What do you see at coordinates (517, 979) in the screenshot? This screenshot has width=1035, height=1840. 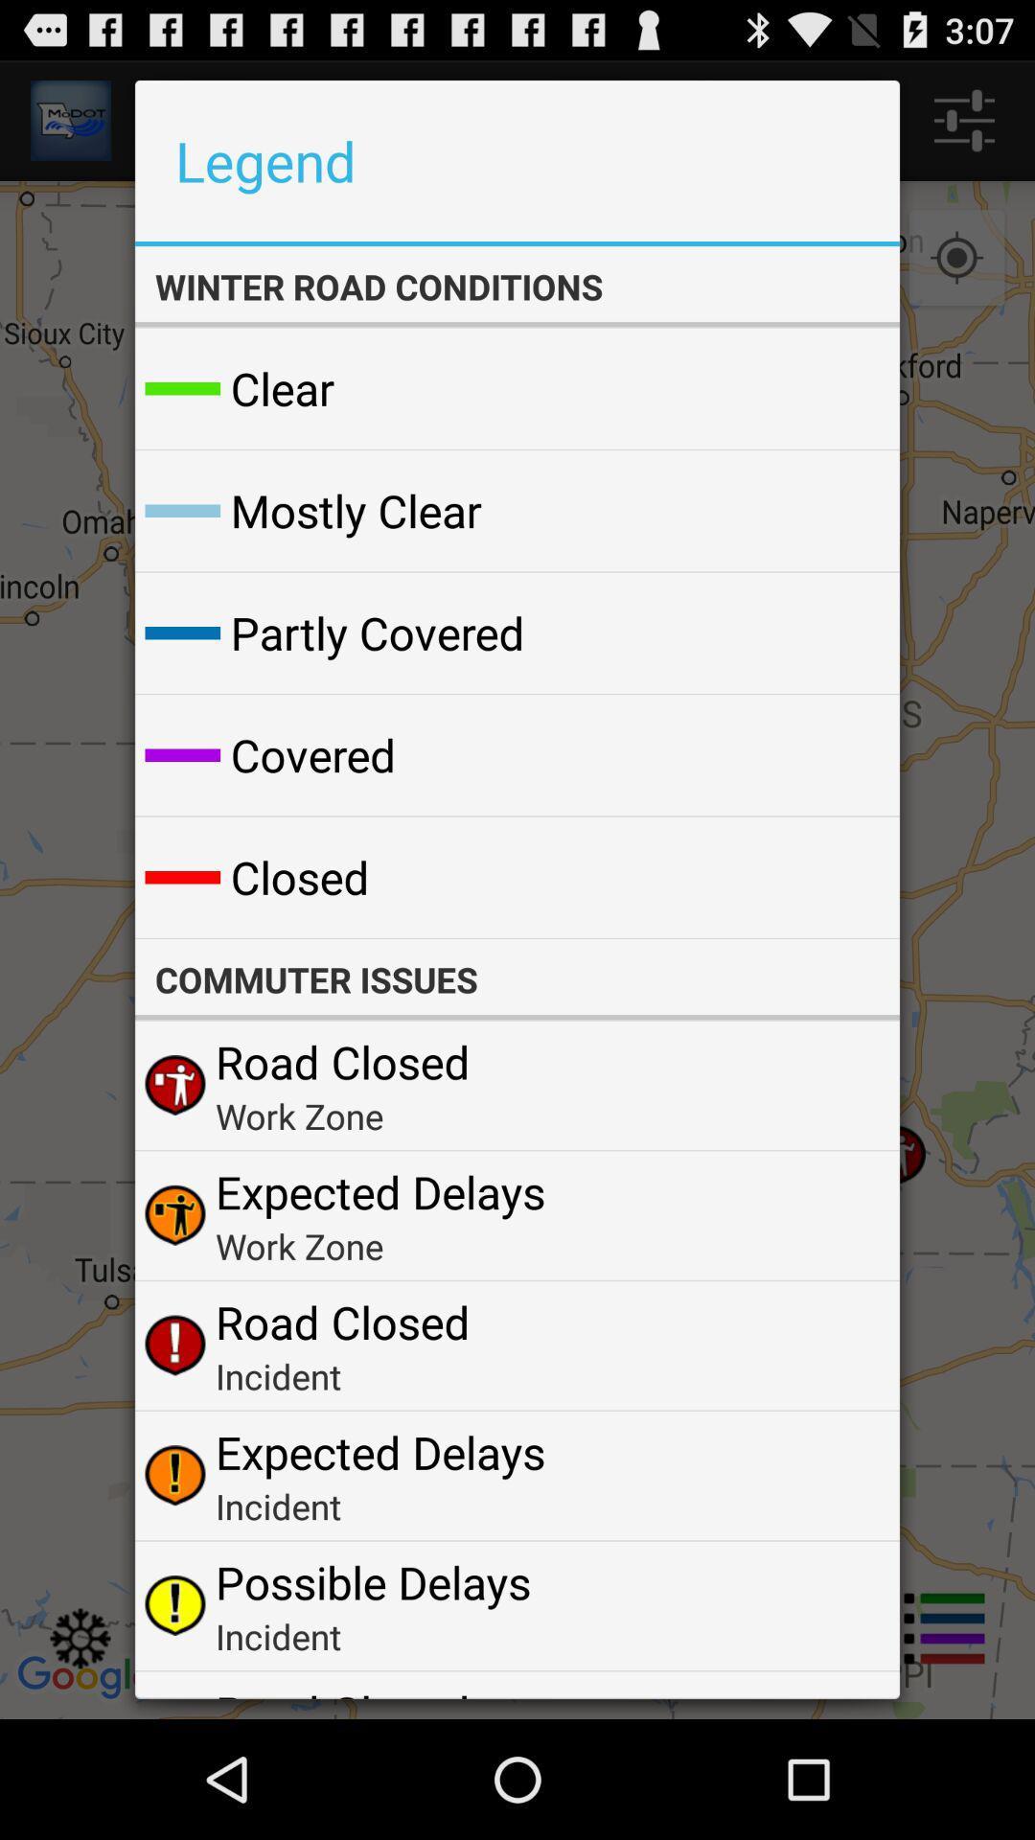 I see `the commuter issues` at bounding box center [517, 979].